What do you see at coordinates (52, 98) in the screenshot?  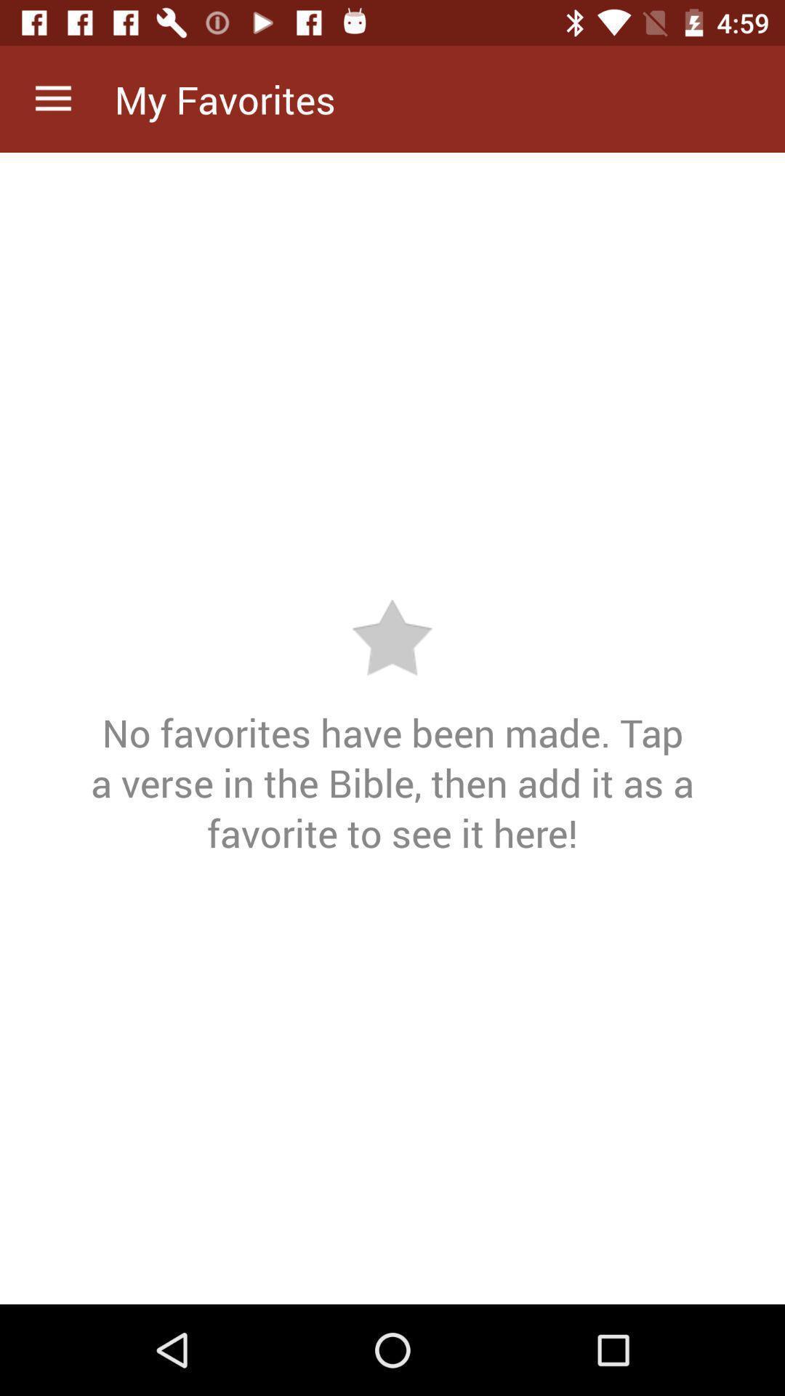 I see `item to the left of the my favorites item` at bounding box center [52, 98].